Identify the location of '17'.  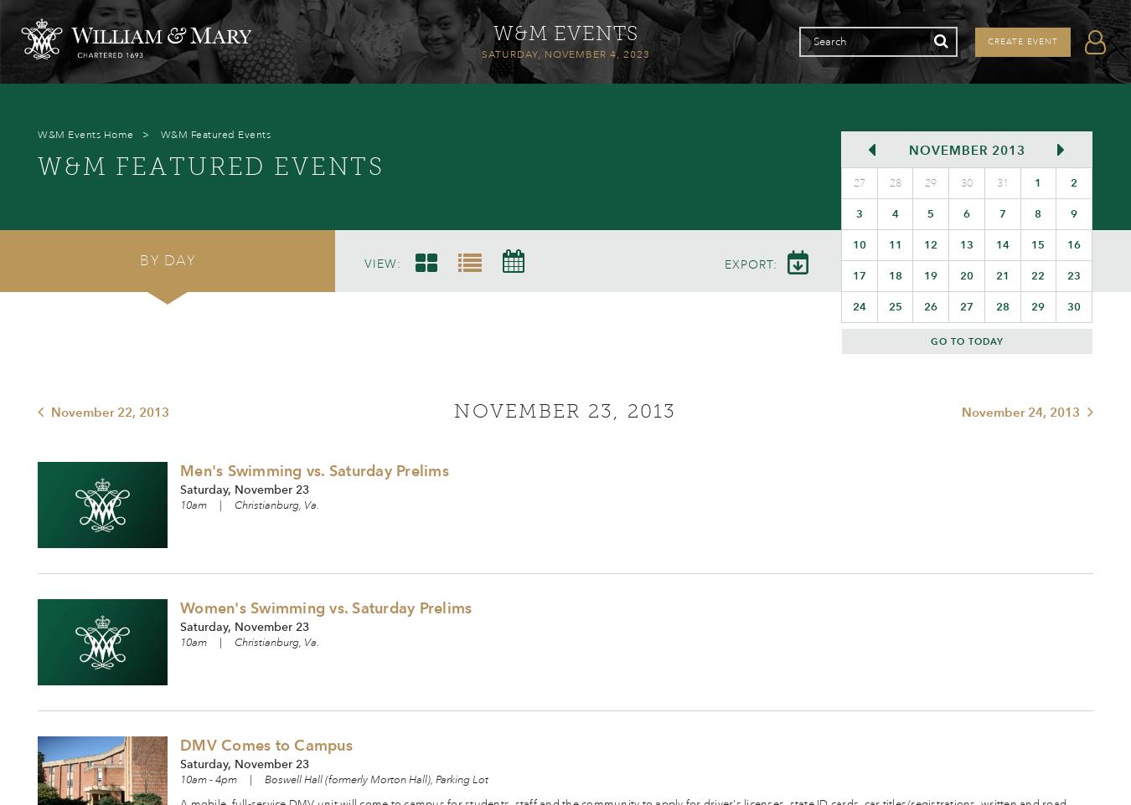
(859, 274).